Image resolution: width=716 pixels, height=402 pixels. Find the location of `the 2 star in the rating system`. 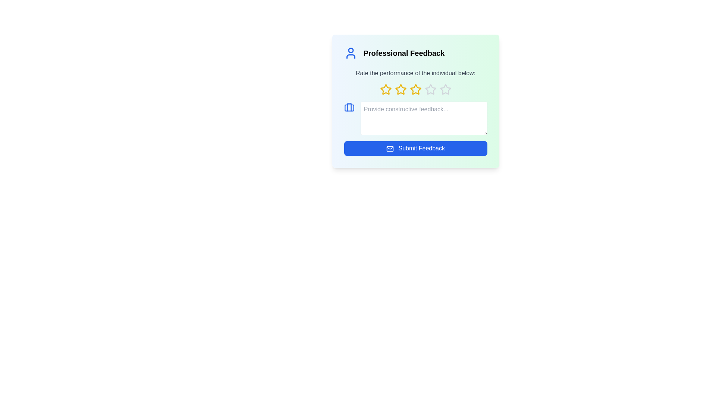

the 2 star in the rating system is located at coordinates (400, 89).